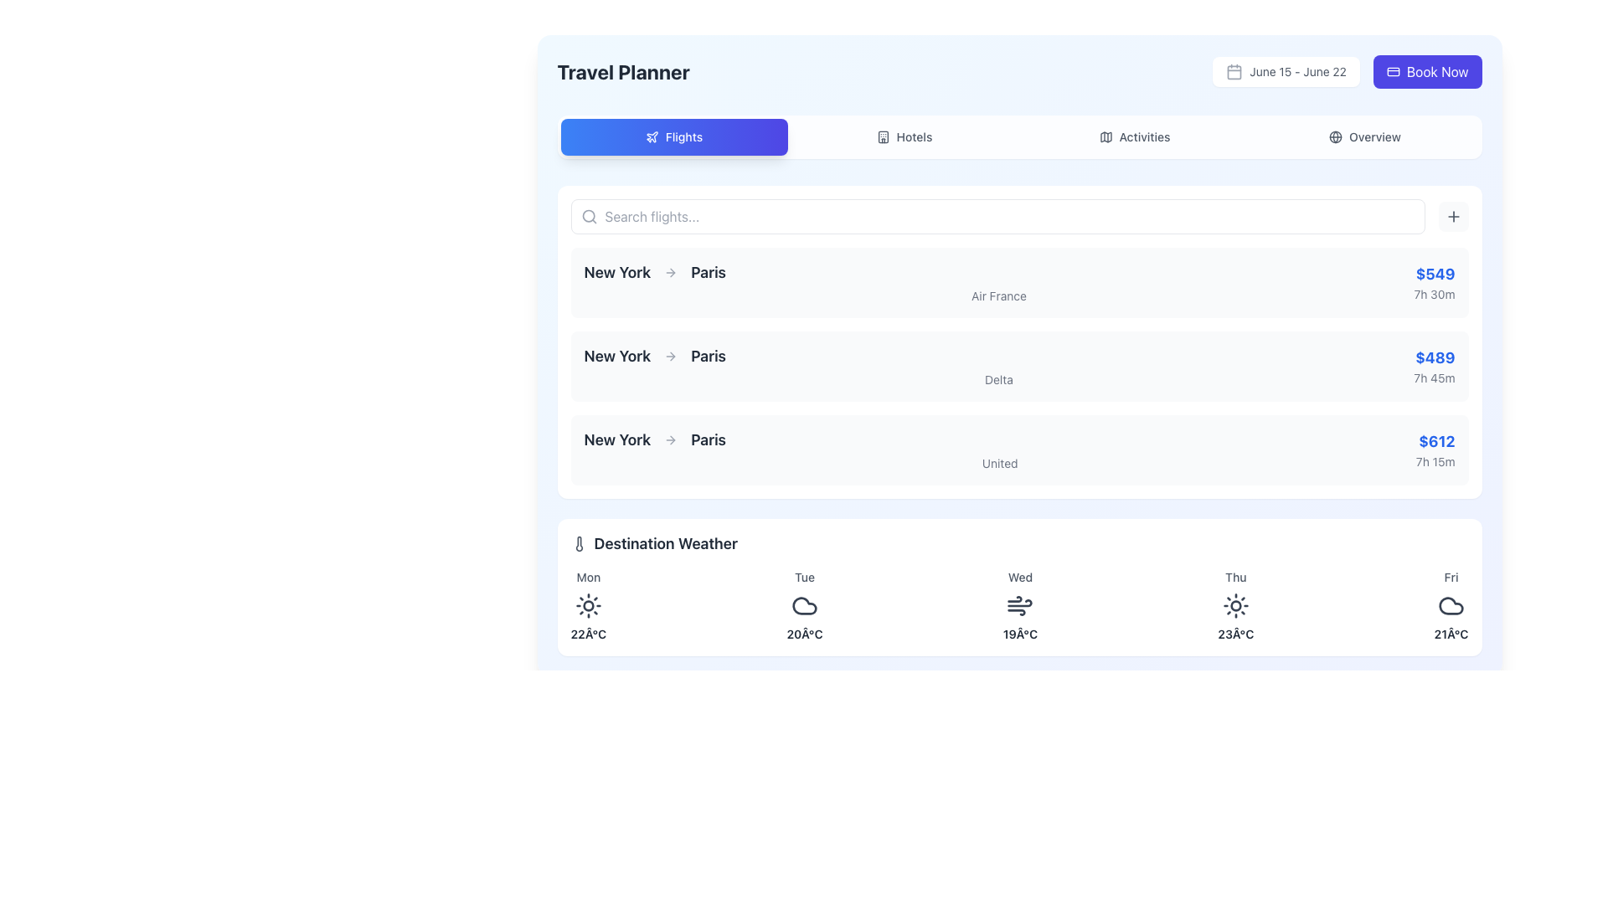 This screenshot has height=904, width=1608. I want to click on price and duration information displayed in bold blue text for the flight option from New York to Paris provided by Delta, located in the bottom-right corner of the second row of flight options, so click(1434, 366).